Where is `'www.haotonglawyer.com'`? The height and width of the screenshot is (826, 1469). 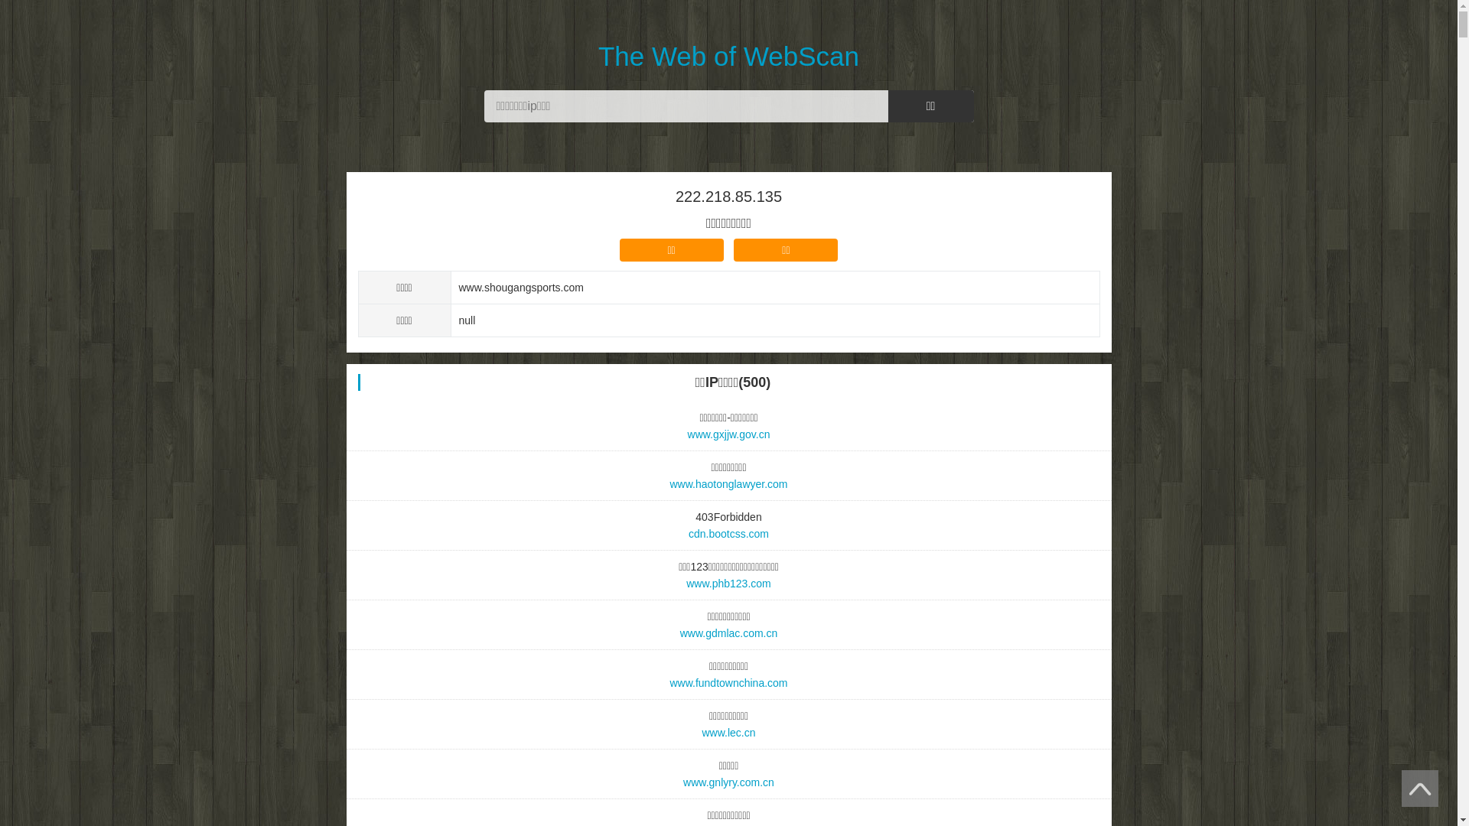
'www.haotonglawyer.com' is located at coordinates (728, 483).